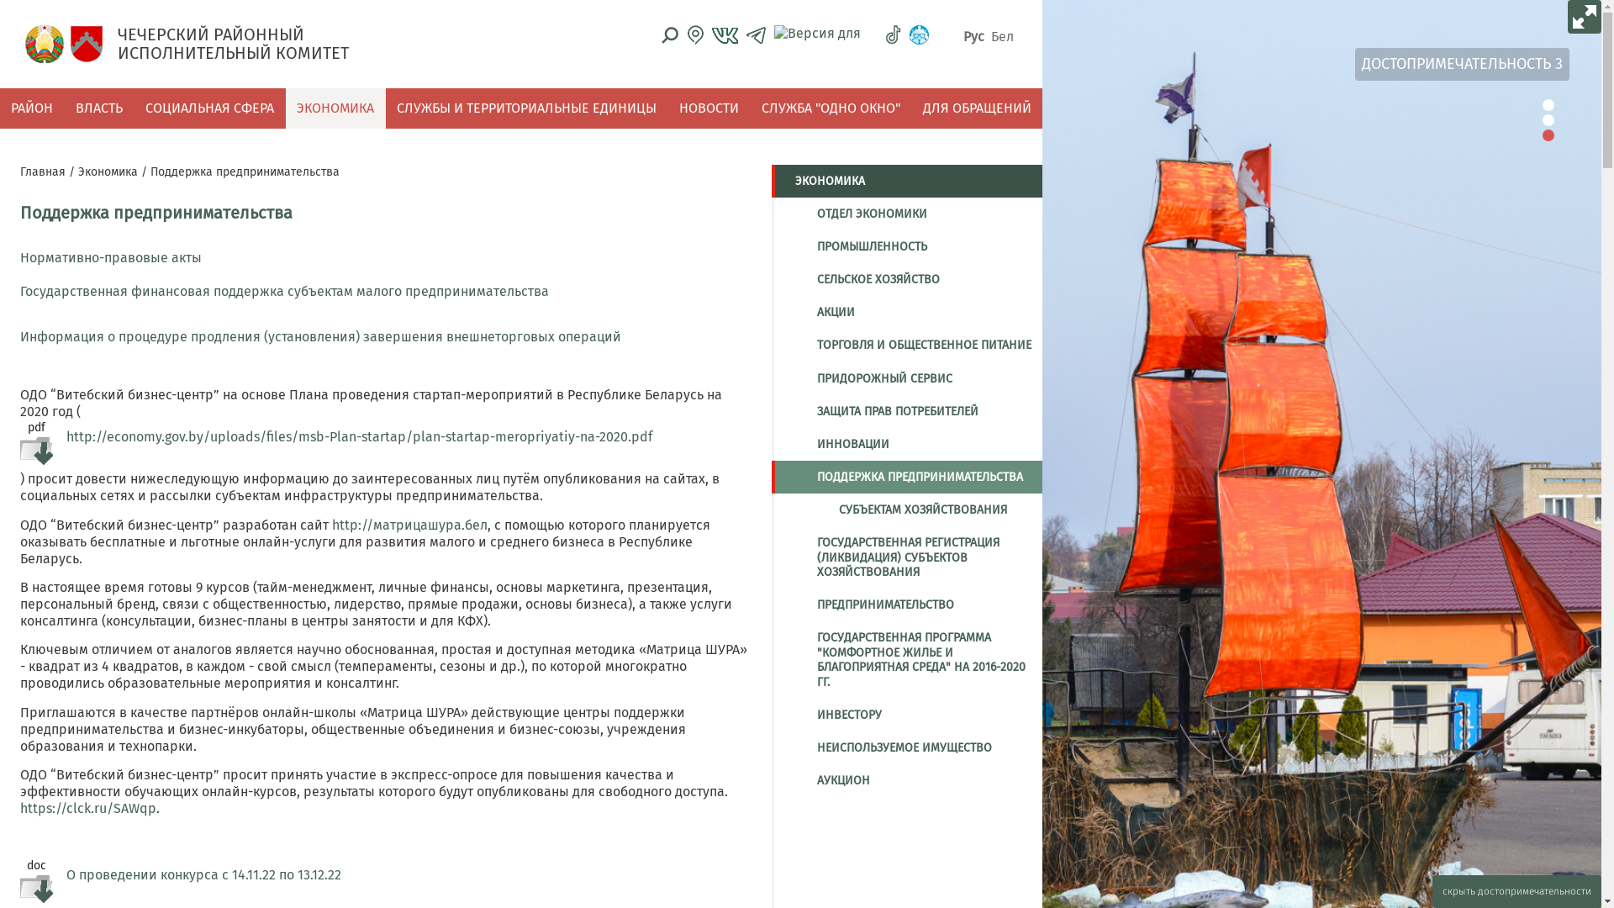  Describe the element at coordinates (1548, 135) in the screenshot. I see `'3'` at that location.